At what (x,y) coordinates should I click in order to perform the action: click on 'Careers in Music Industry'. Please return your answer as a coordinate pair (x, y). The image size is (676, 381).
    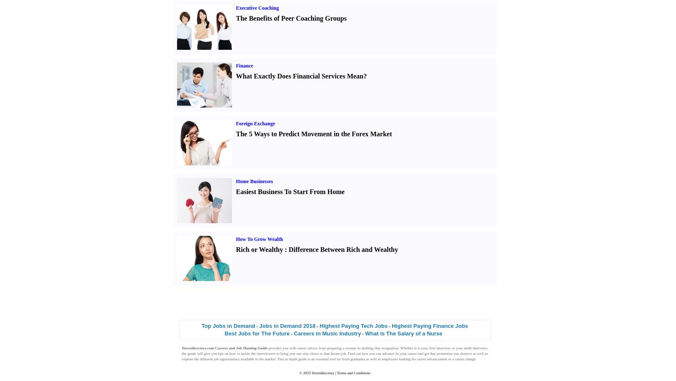
    Looking at the image, I should click on (327, 333).